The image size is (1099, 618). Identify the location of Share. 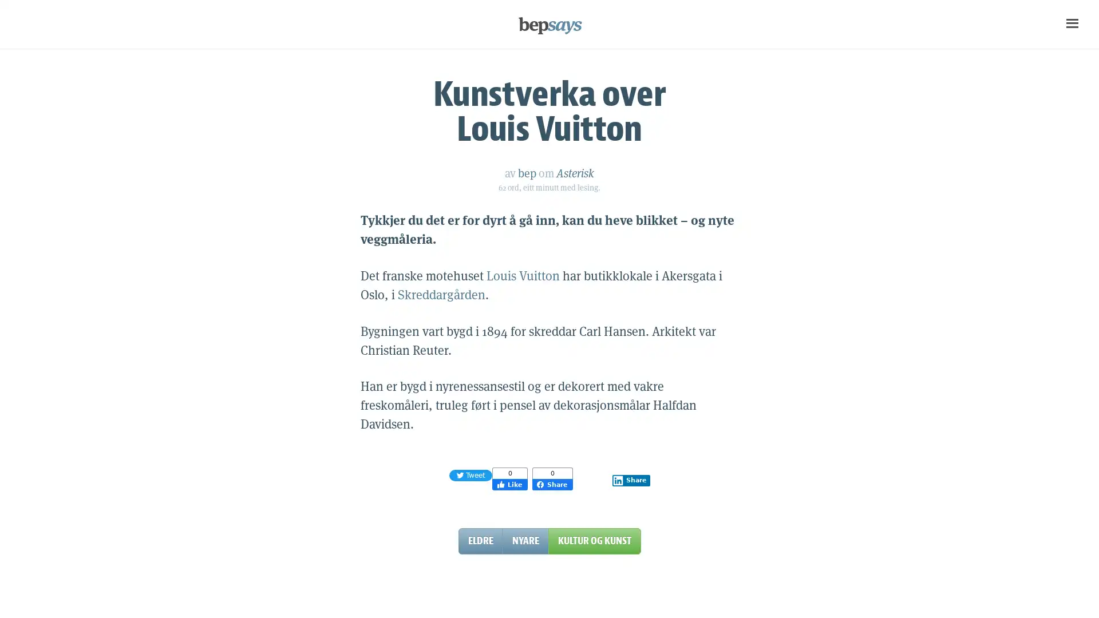
(630, 480).